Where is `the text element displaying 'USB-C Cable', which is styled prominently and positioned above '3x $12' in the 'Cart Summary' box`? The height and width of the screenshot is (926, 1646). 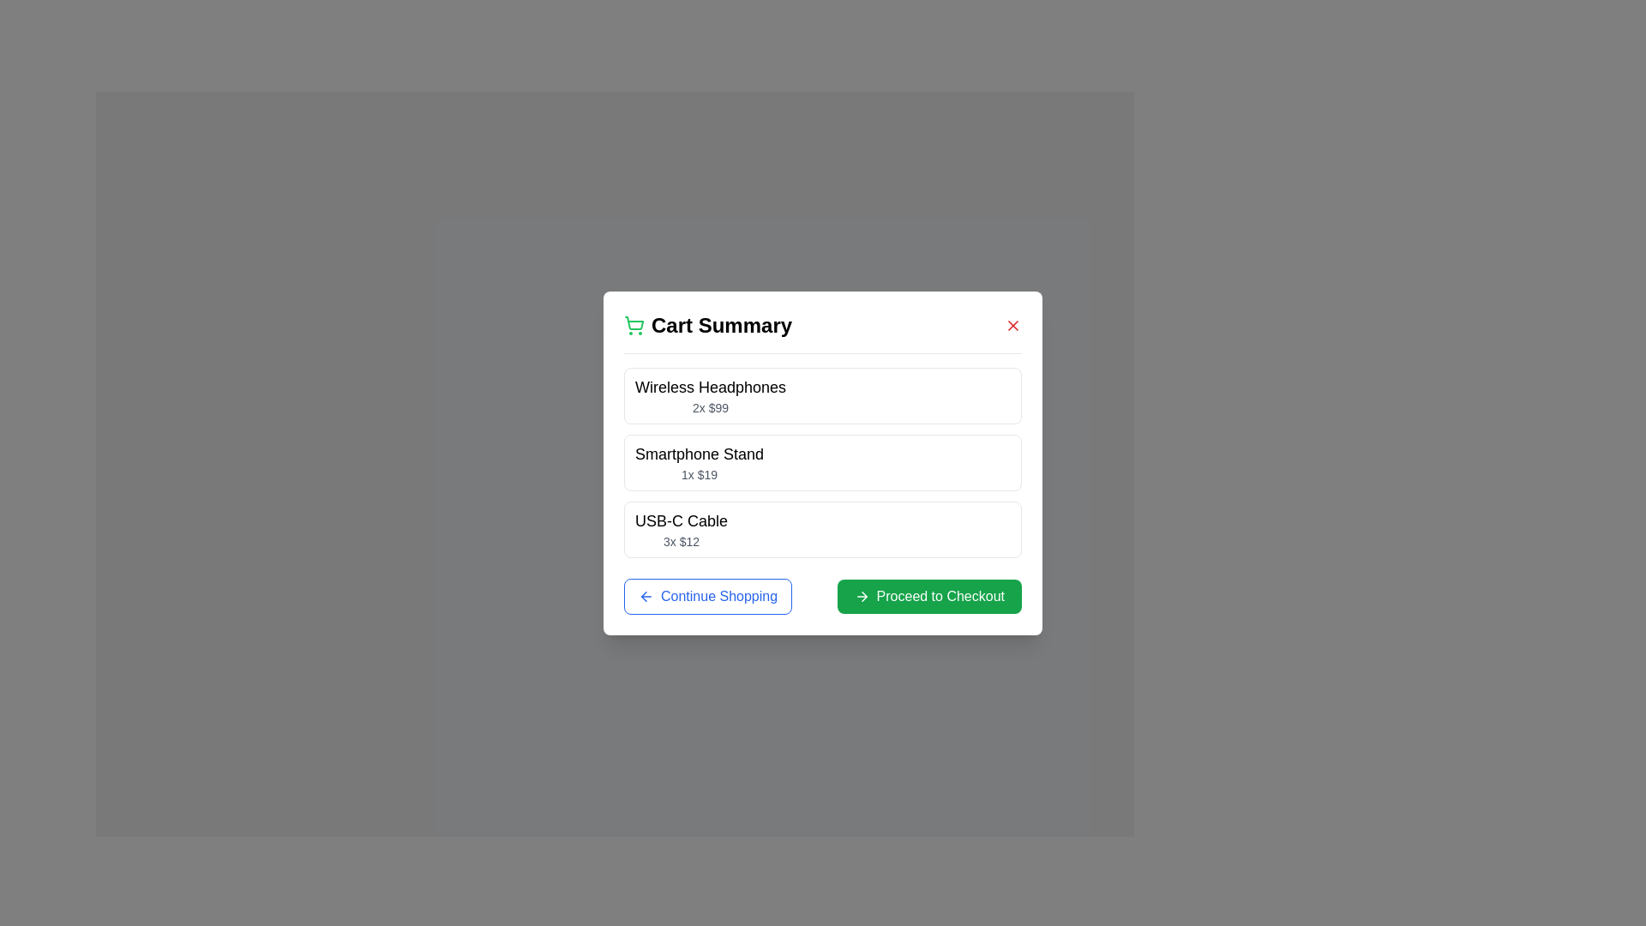
the text element displaying 'USB-C Cable', which is styled prominently and positioned above '3x $12' in the 'Cart Summary' box is located at coordinates (681, 520).